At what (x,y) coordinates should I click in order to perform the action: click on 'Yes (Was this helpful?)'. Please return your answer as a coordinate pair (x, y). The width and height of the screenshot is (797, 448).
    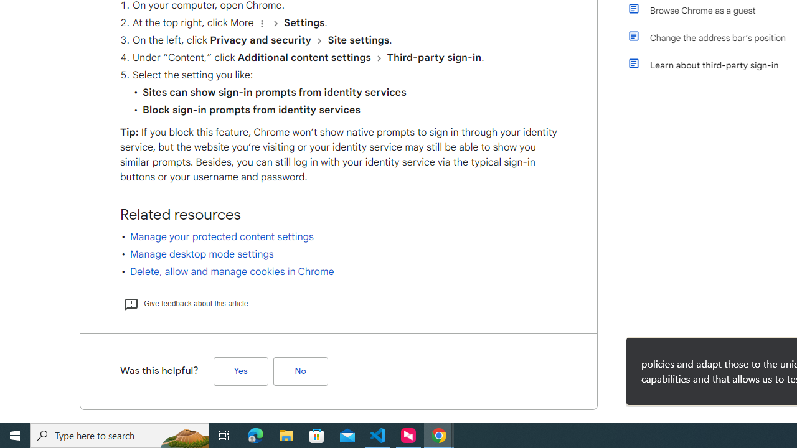
    Looking at the image, I should click on (240, 370).